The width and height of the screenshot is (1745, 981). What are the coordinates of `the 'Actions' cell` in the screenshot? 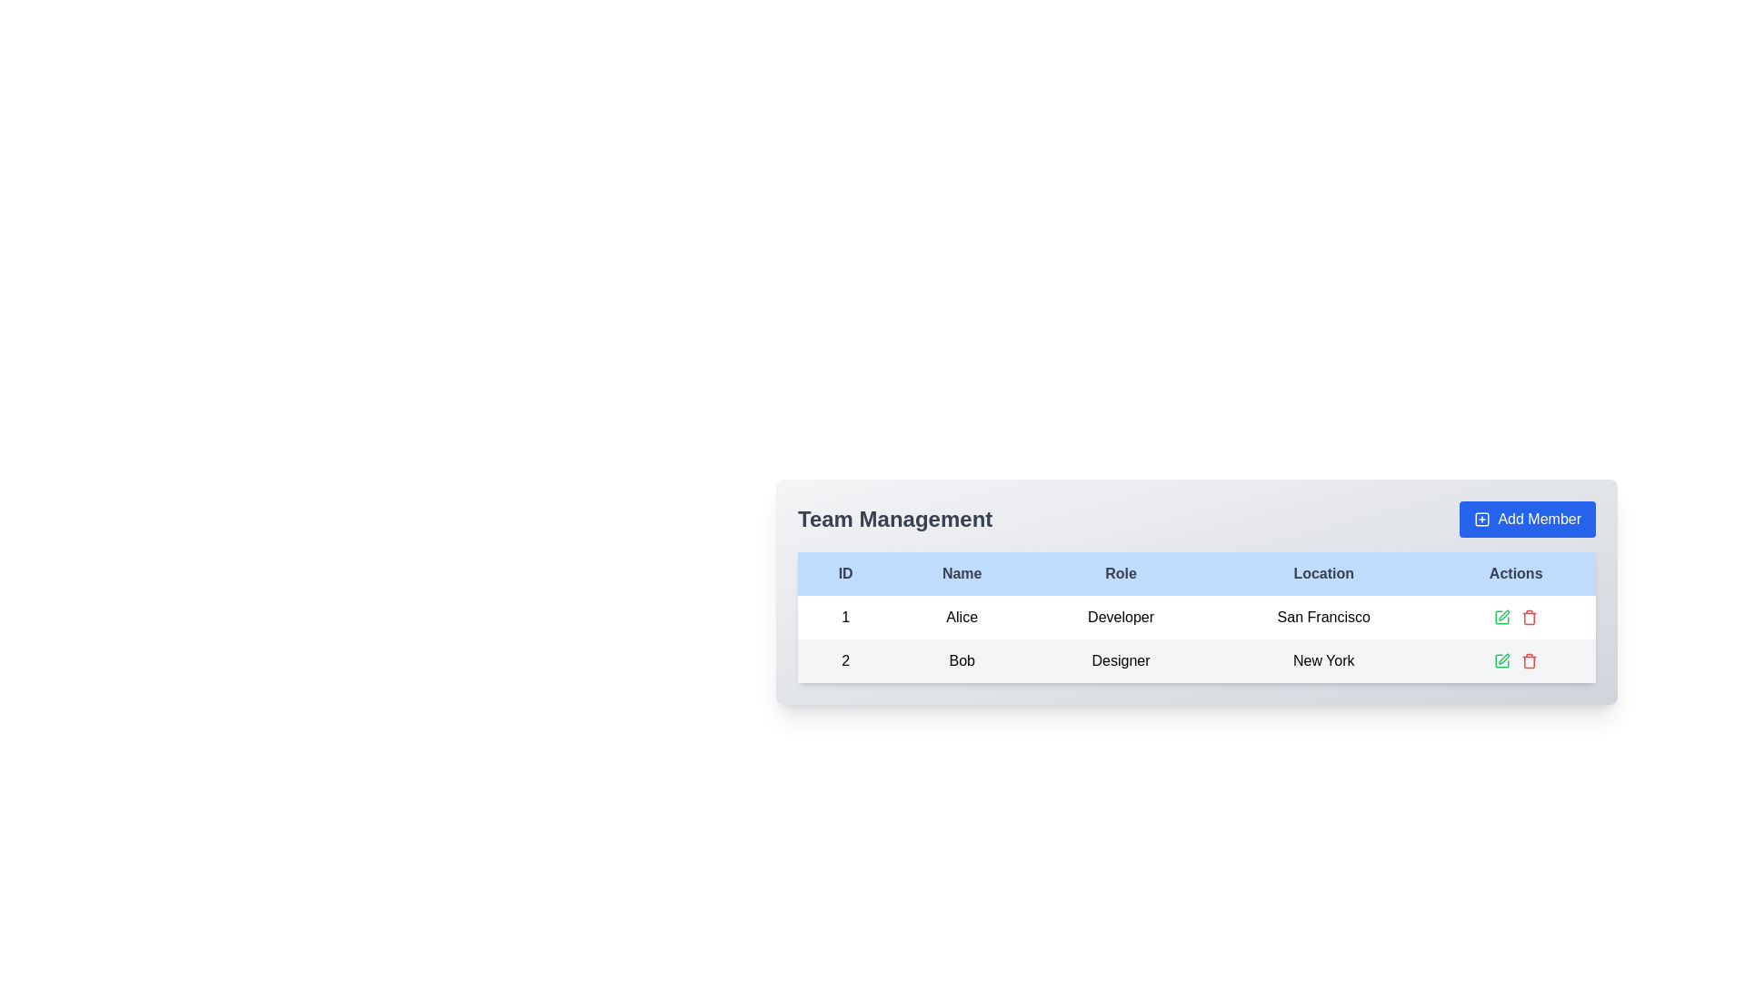 It's located at (1516, 616).